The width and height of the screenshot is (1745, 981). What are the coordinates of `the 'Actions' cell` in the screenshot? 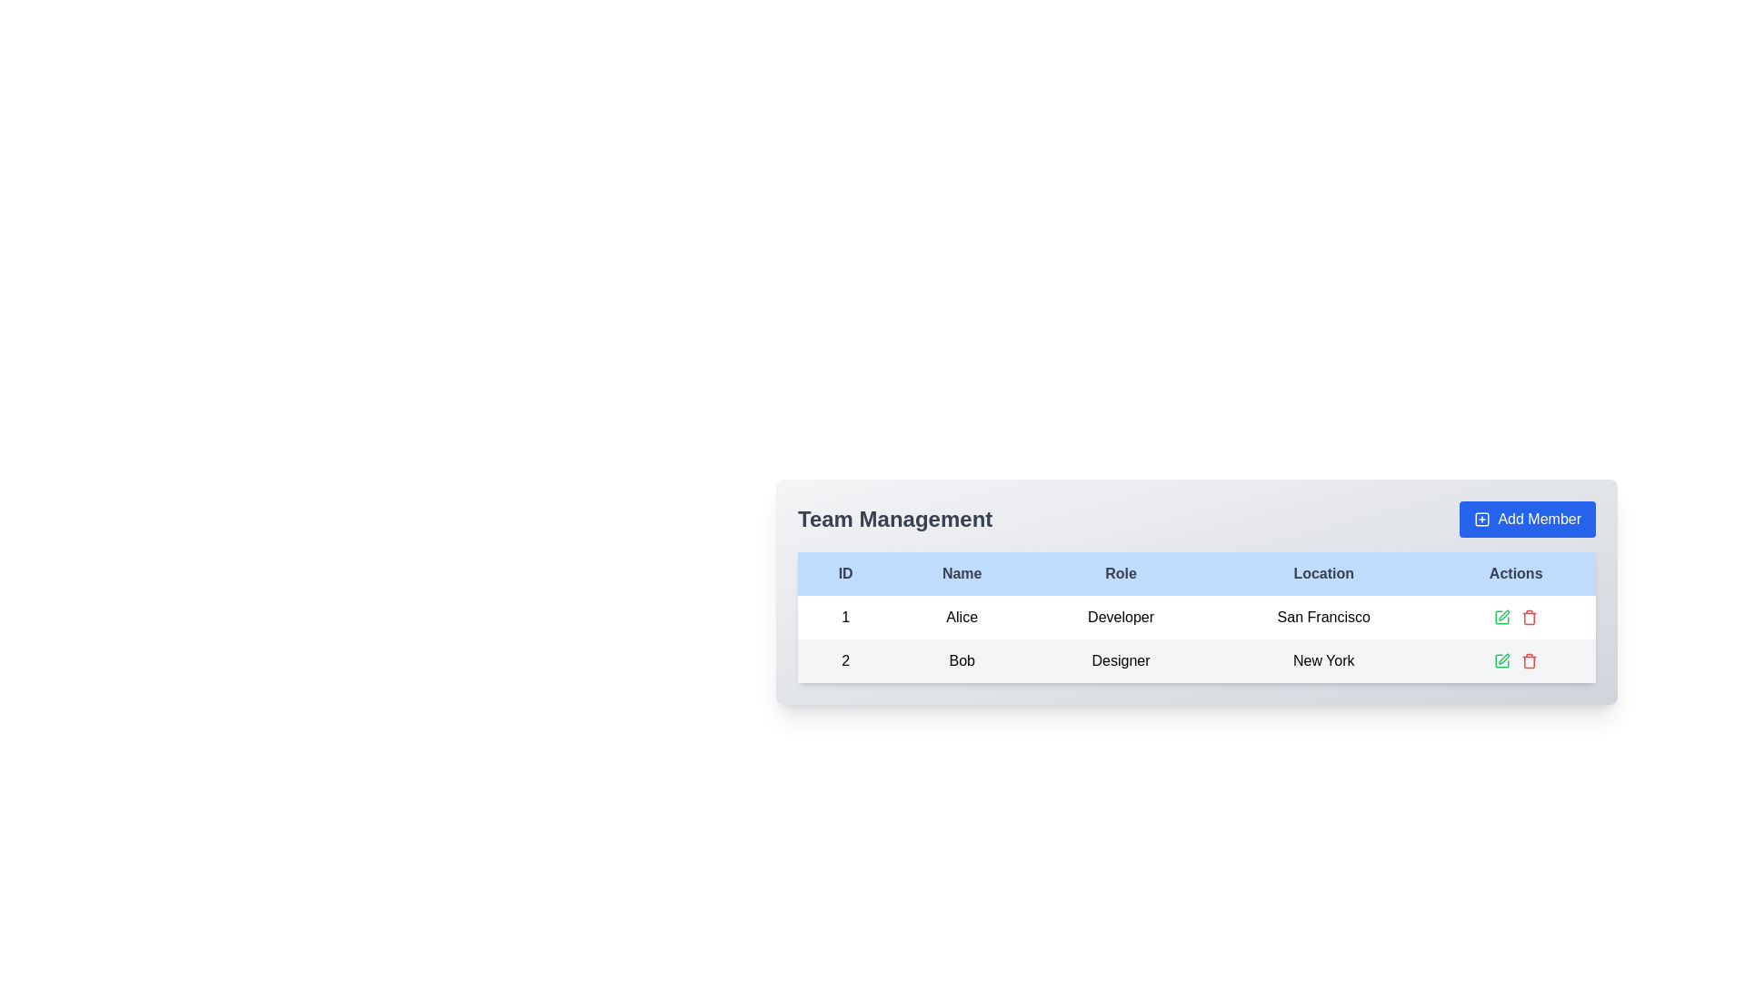 It's located at (1516, 616).